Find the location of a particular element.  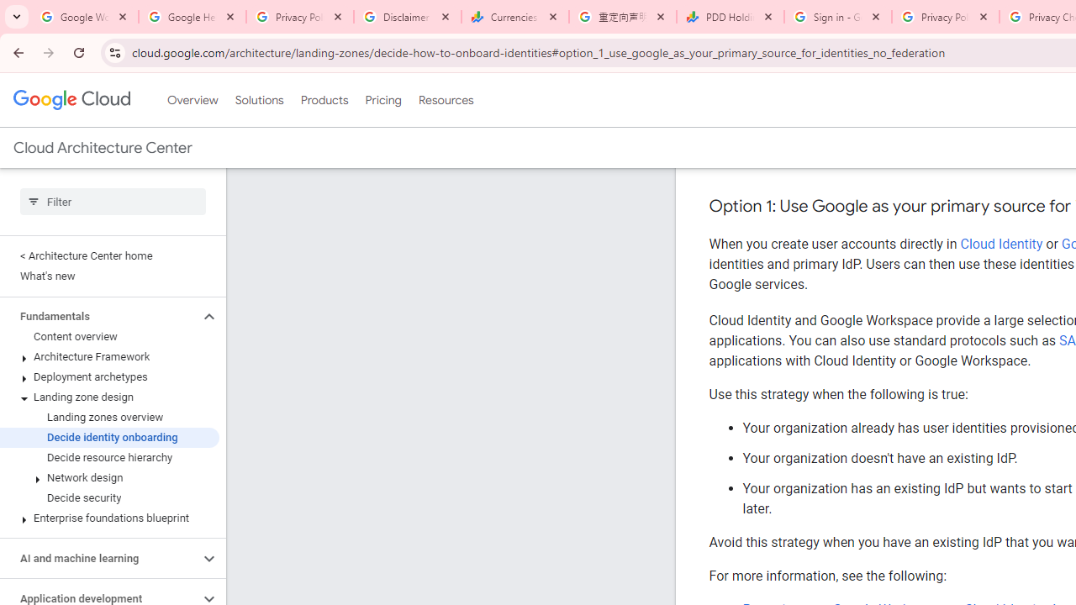

'Cloud Architecture Center' is located at coordinates (102, 147).